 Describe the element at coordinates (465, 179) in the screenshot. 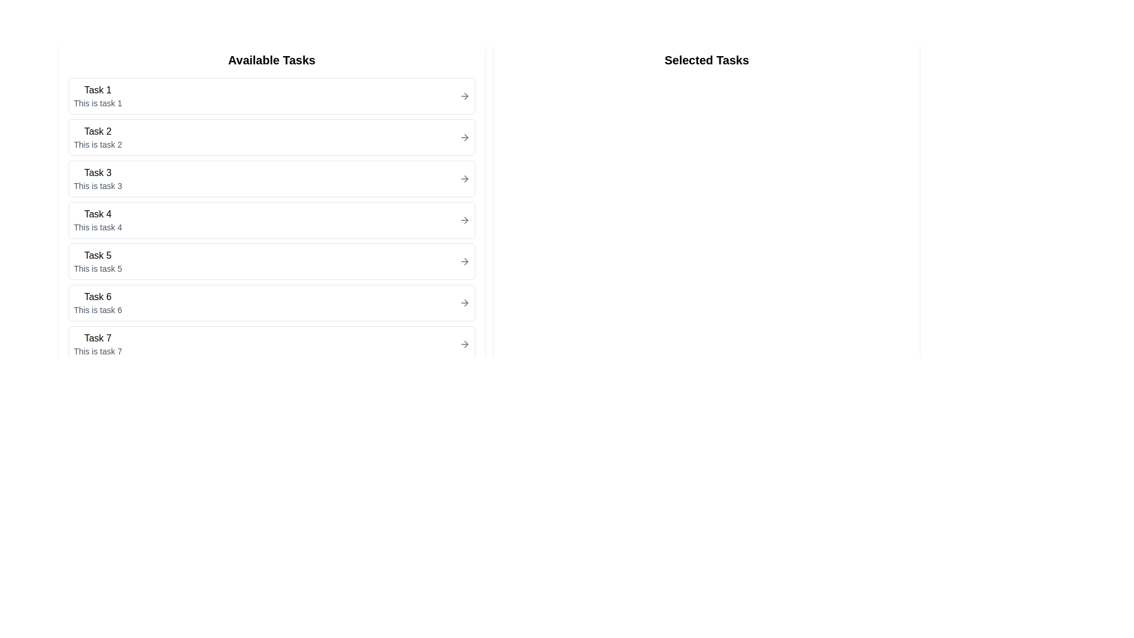

I see `the icon located in the right part of the 'Task 4' row within the 'Available Tasks' section` at that location.